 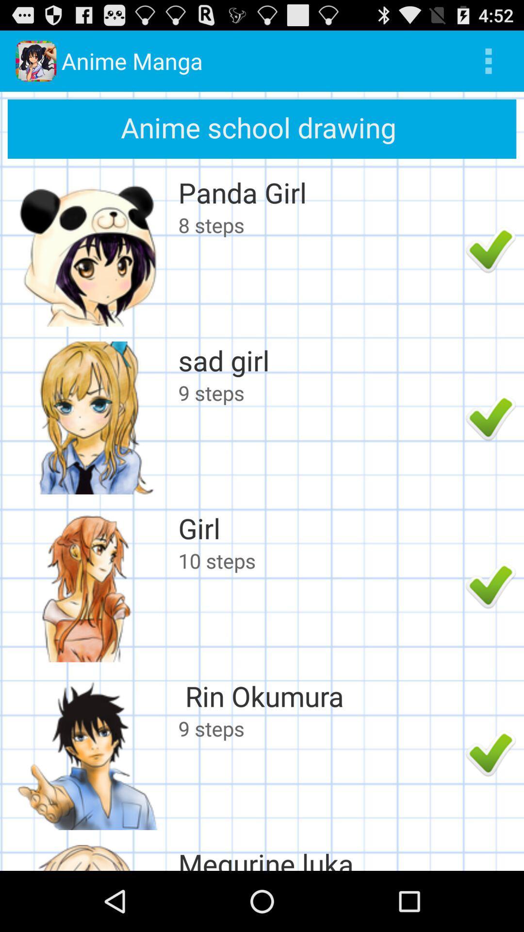 What do you see at coordinates (319, 224) in the screenshot?
I see `app below the panda girl item` at bounding box center [319, 224].